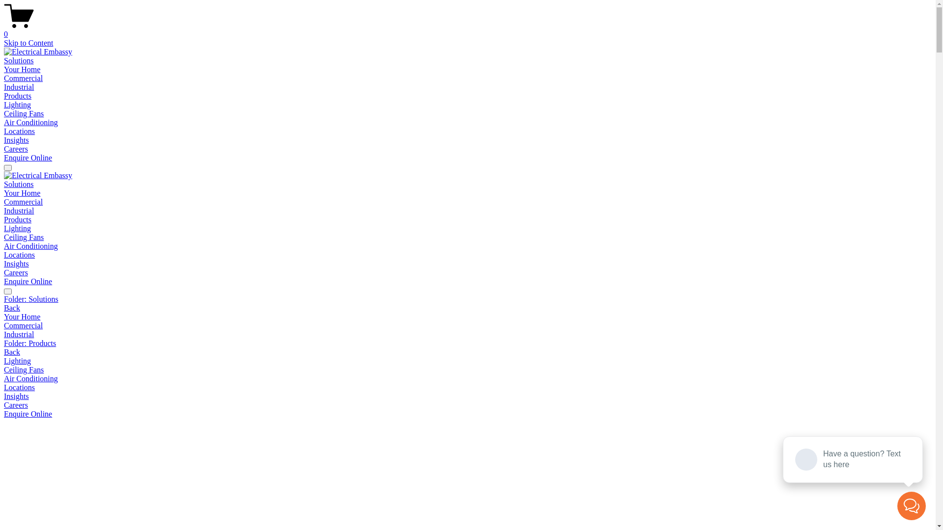  Describe the element at coordinates (467, 396) in the screenshot. I see `'Insights'` at that location.